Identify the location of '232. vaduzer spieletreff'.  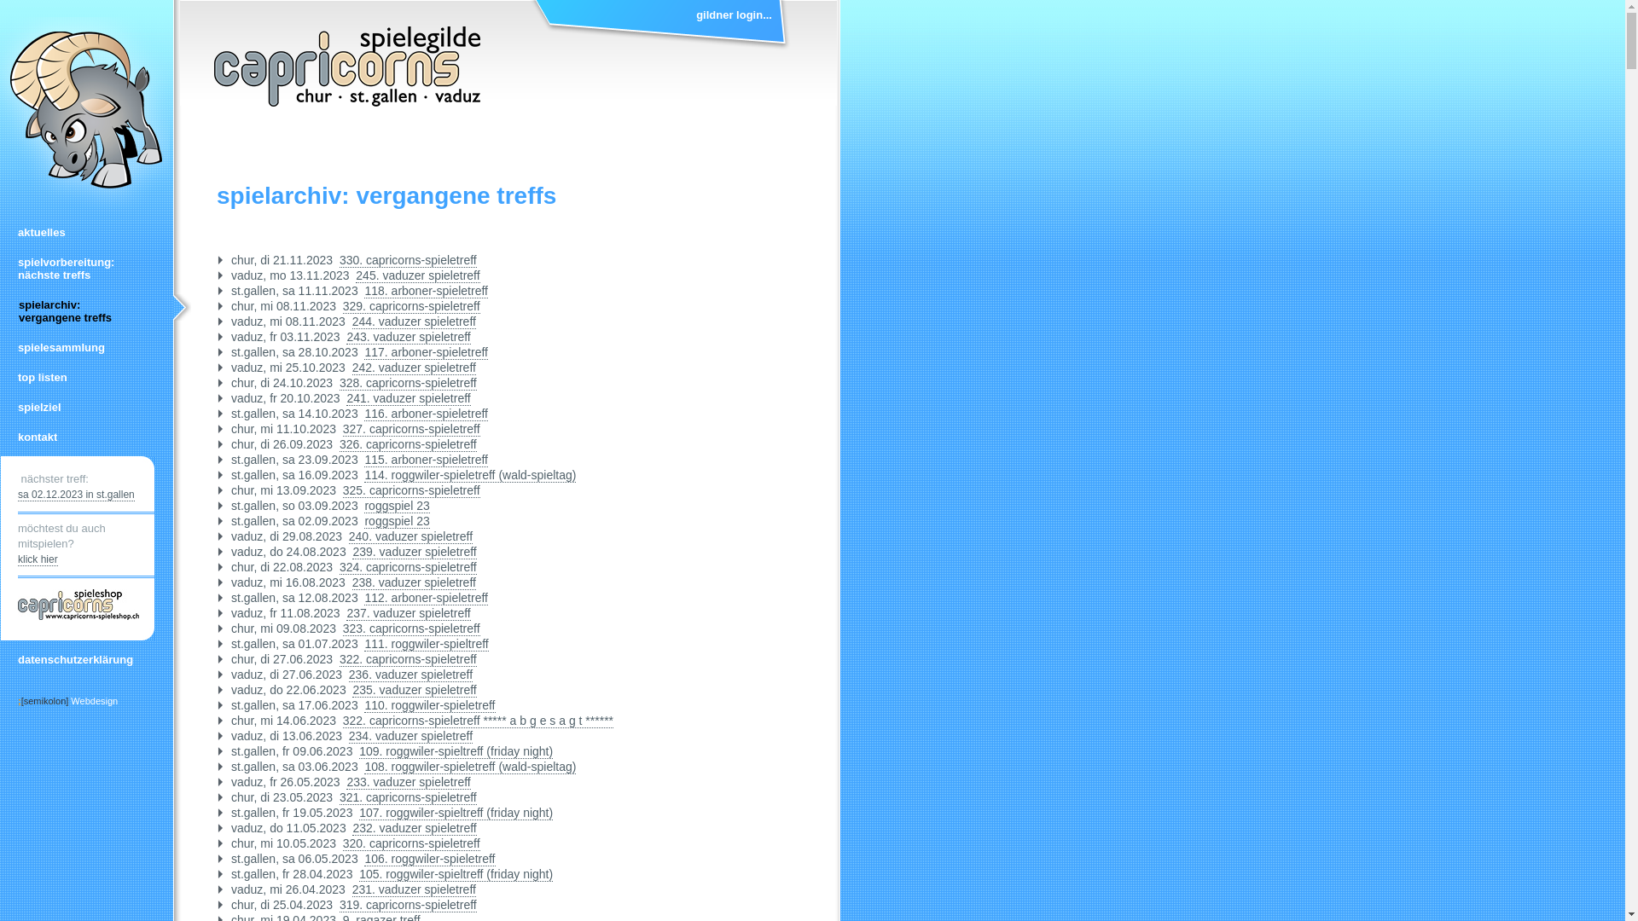
(414, 827).